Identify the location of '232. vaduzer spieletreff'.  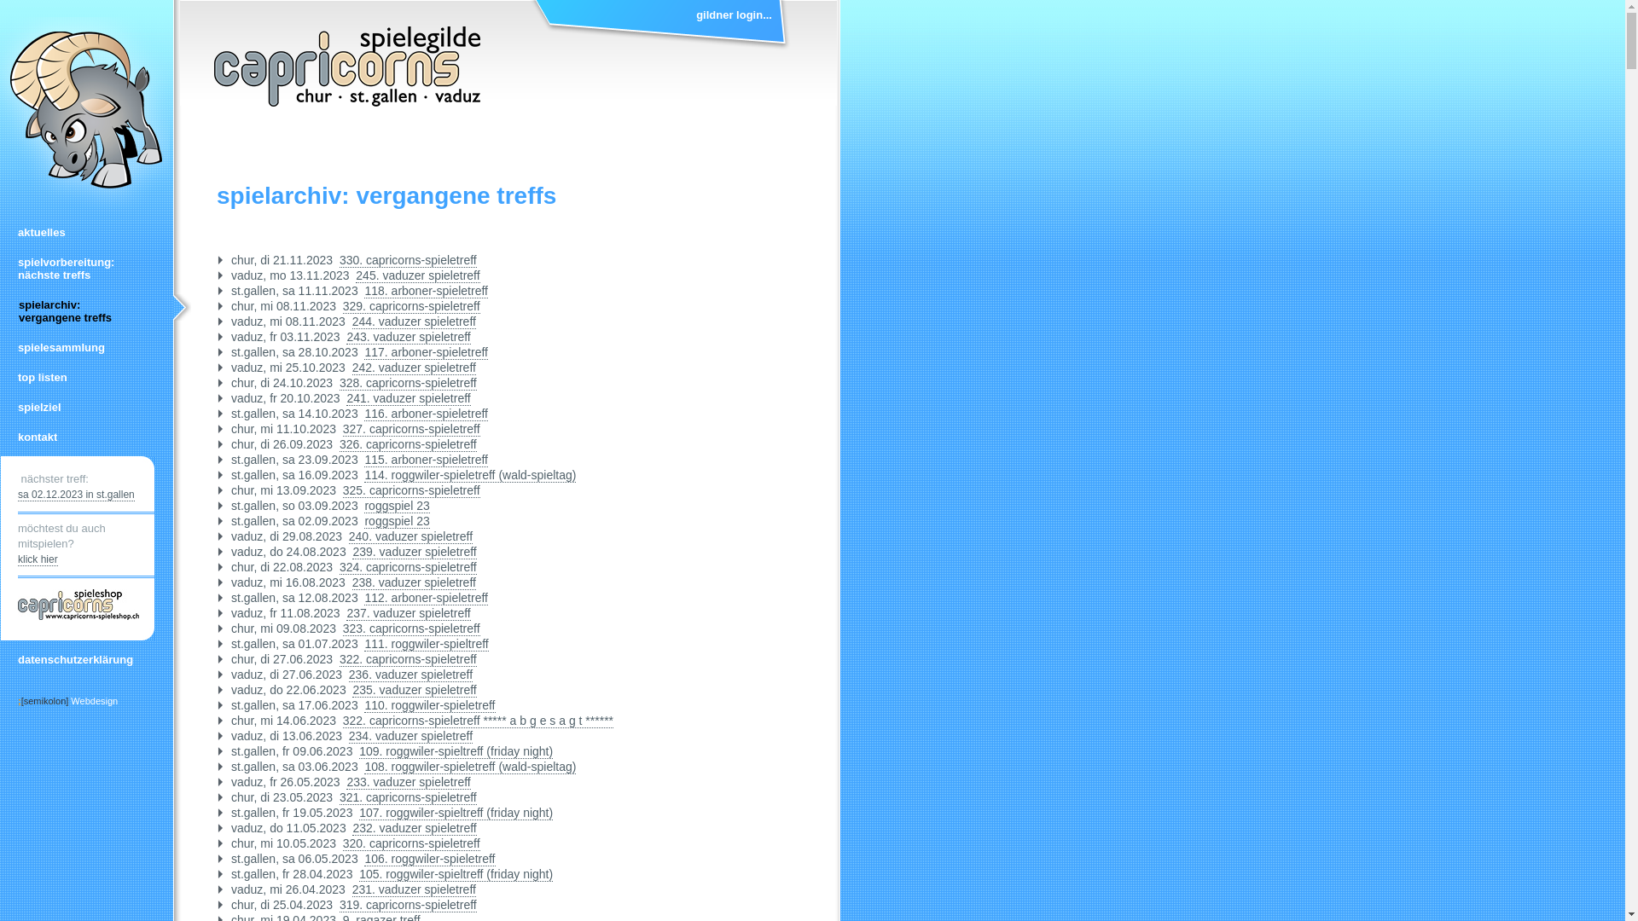
(414, 827).